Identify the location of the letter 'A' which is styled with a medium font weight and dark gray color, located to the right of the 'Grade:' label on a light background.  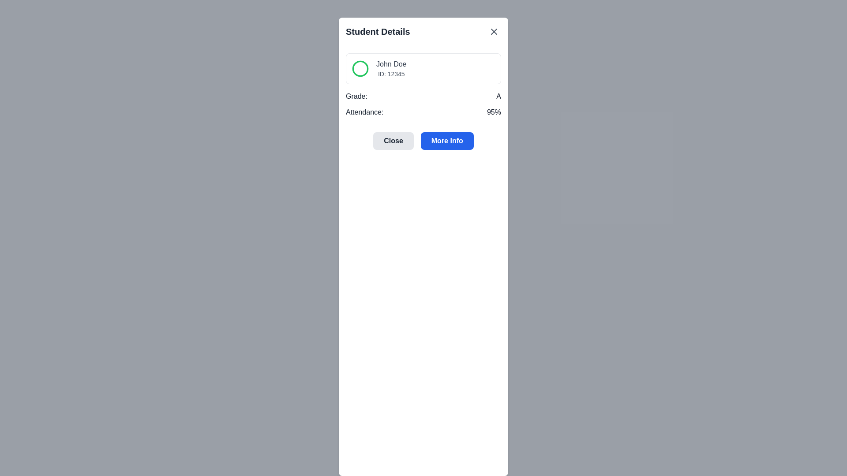
(498, 97).